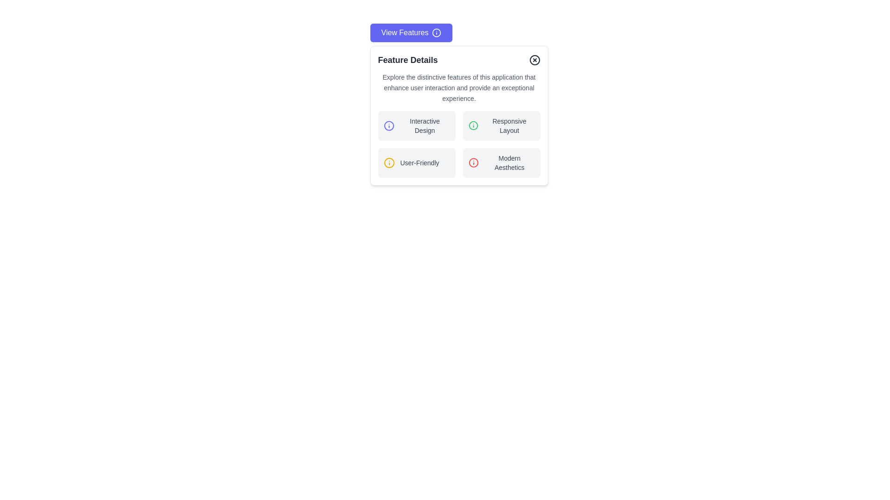 The height and width of the screenshot is (500, 890). What do you see at coordinates (473, 126) in the screenshot?
I see `the informational indicator represented by the SVG Circle located in the upper-left corner of the second row in the grid of icons within the 'Feature Details' dialog box` at bounding box center [473, 126].